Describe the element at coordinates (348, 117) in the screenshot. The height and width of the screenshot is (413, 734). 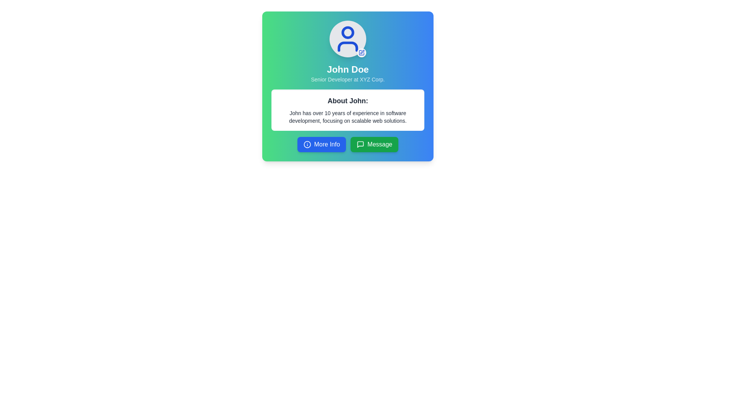
I see `the text display providing information about John's professional background and expertise in software development, located beneath the 'About John:' header` at that location.